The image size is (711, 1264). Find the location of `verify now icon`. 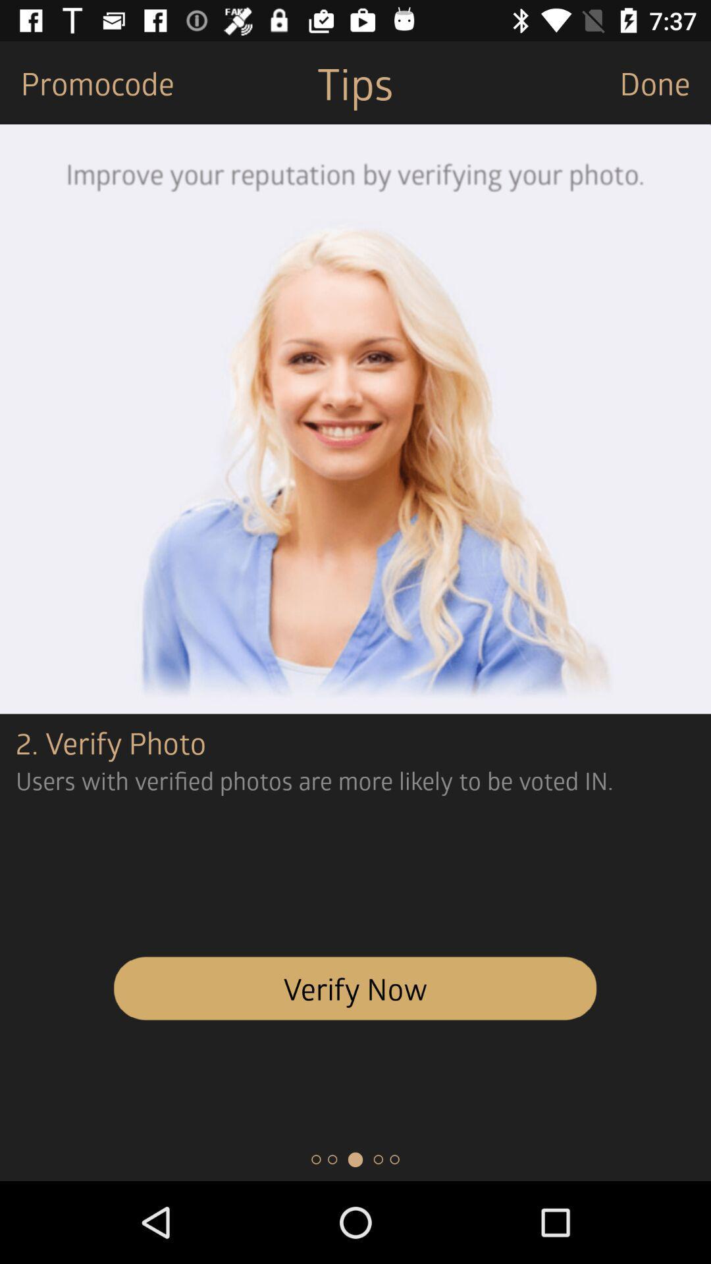

verify now icon is located at coordinates (355, 988).